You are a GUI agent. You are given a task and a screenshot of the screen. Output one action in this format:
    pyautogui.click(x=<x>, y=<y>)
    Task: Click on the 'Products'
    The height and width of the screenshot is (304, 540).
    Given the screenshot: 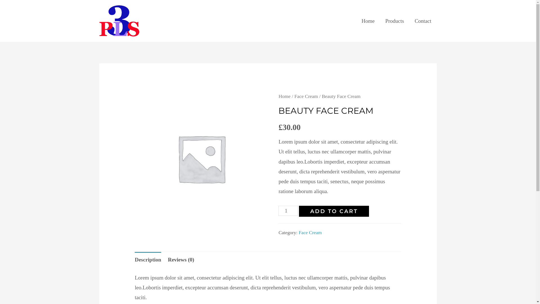 What is the action you would take?
    pyautogui.click(x=394, y=21)
    